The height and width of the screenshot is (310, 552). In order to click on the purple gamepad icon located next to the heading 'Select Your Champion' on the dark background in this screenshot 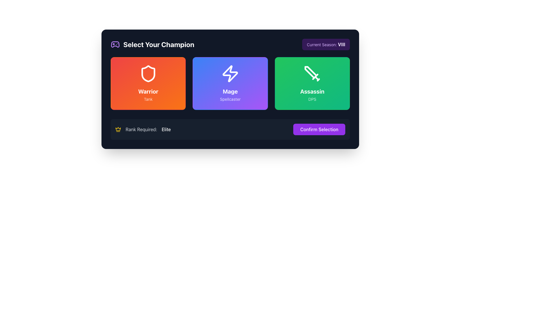, I will do `click(115, 44)`.